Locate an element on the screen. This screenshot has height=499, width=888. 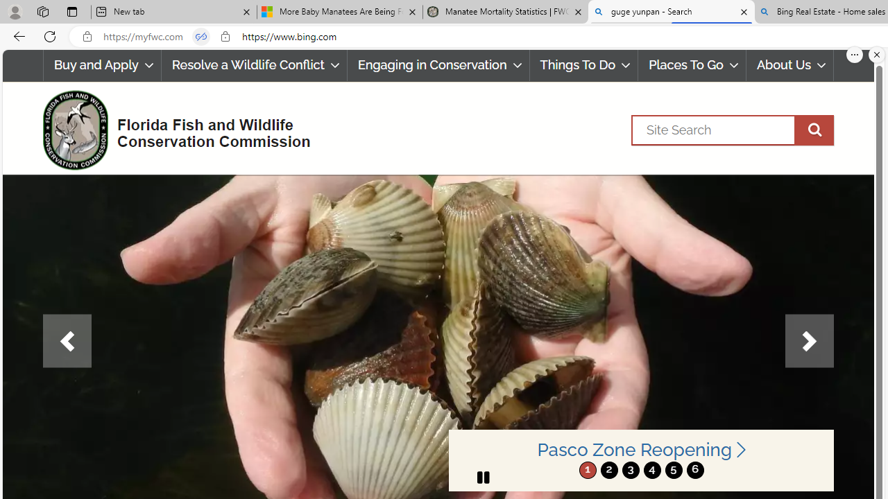
'1' is located at coordinates (588, 469).